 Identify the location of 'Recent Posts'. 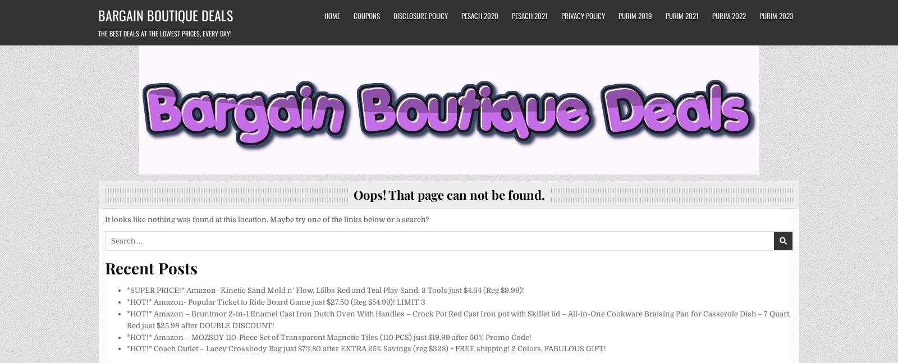
(151, 266).